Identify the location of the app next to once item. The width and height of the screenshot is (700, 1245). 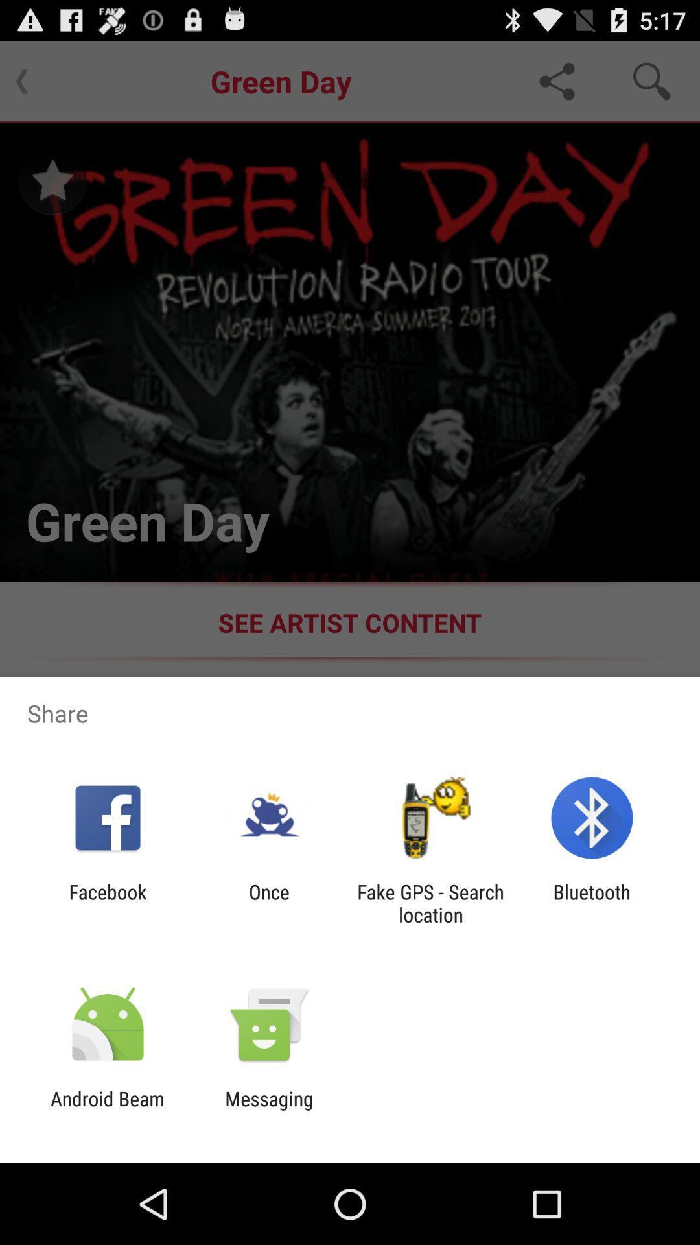
(107, 903).